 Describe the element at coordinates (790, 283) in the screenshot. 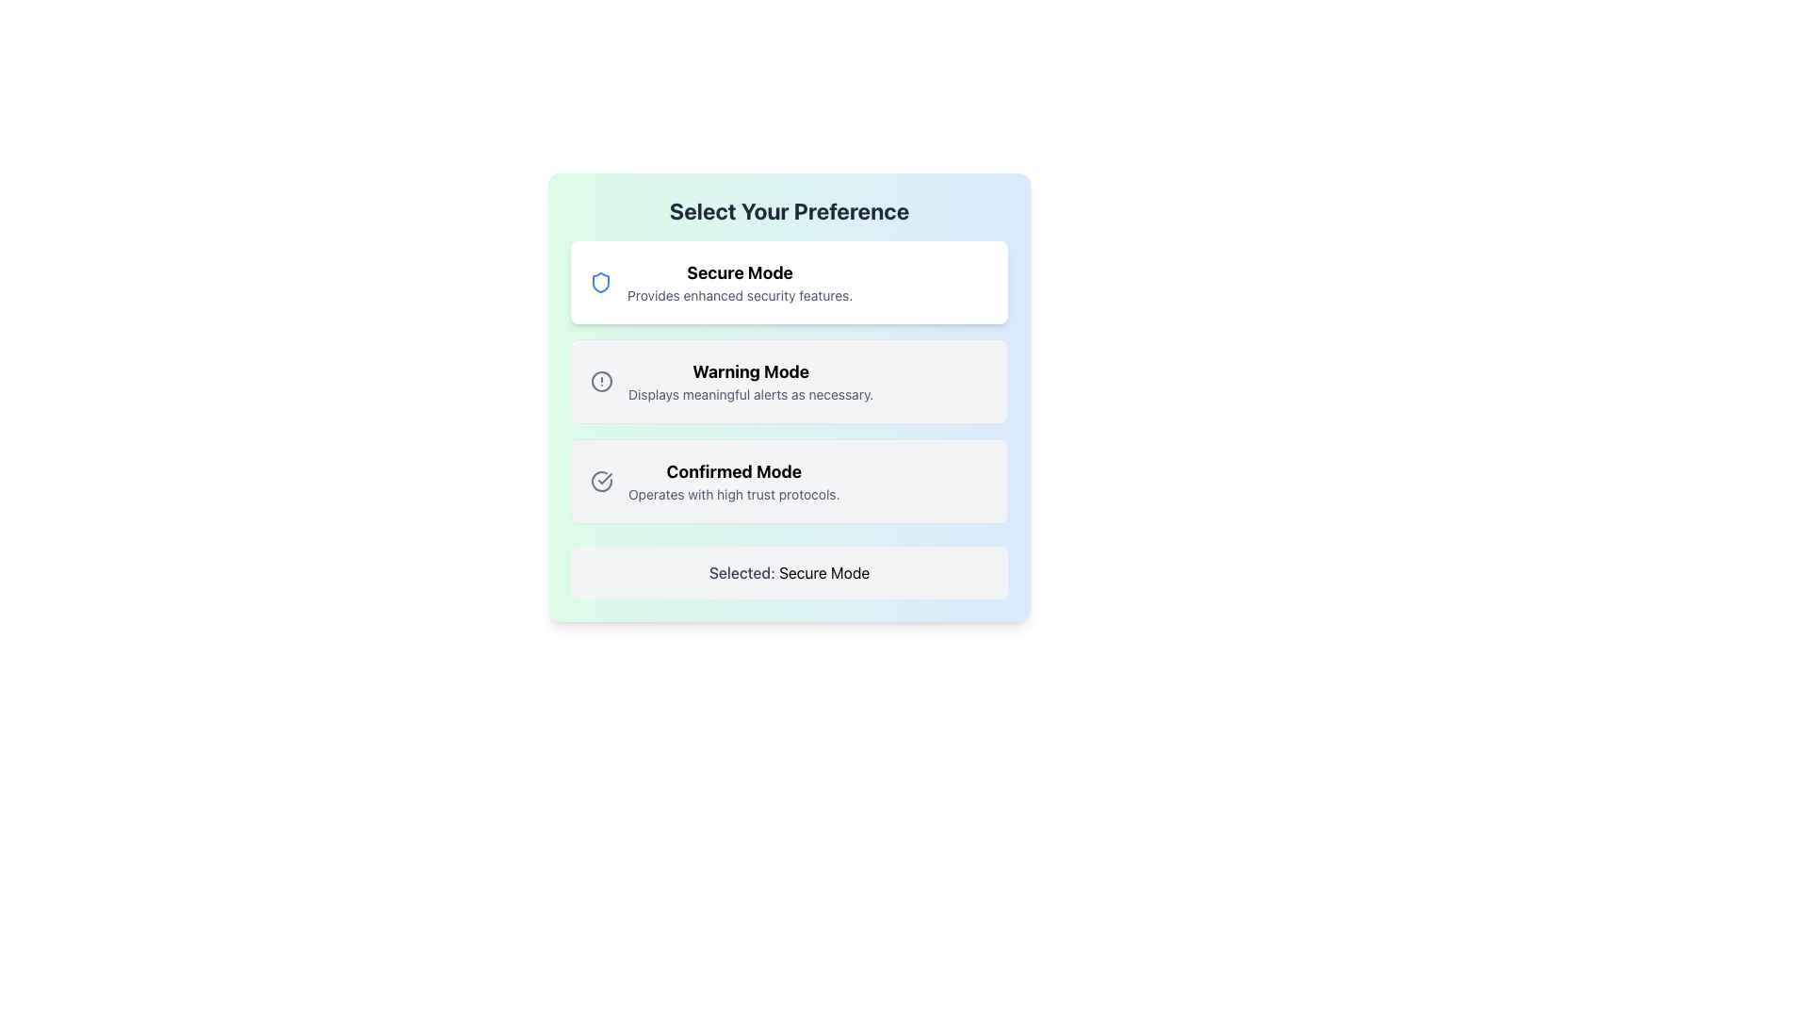

I see `the 'Secure Mode' selectable card UI component, which is the first item in a vertically stacked list, featuring a blue shield icon and bold text reading 'Secure Mode'` at that location.